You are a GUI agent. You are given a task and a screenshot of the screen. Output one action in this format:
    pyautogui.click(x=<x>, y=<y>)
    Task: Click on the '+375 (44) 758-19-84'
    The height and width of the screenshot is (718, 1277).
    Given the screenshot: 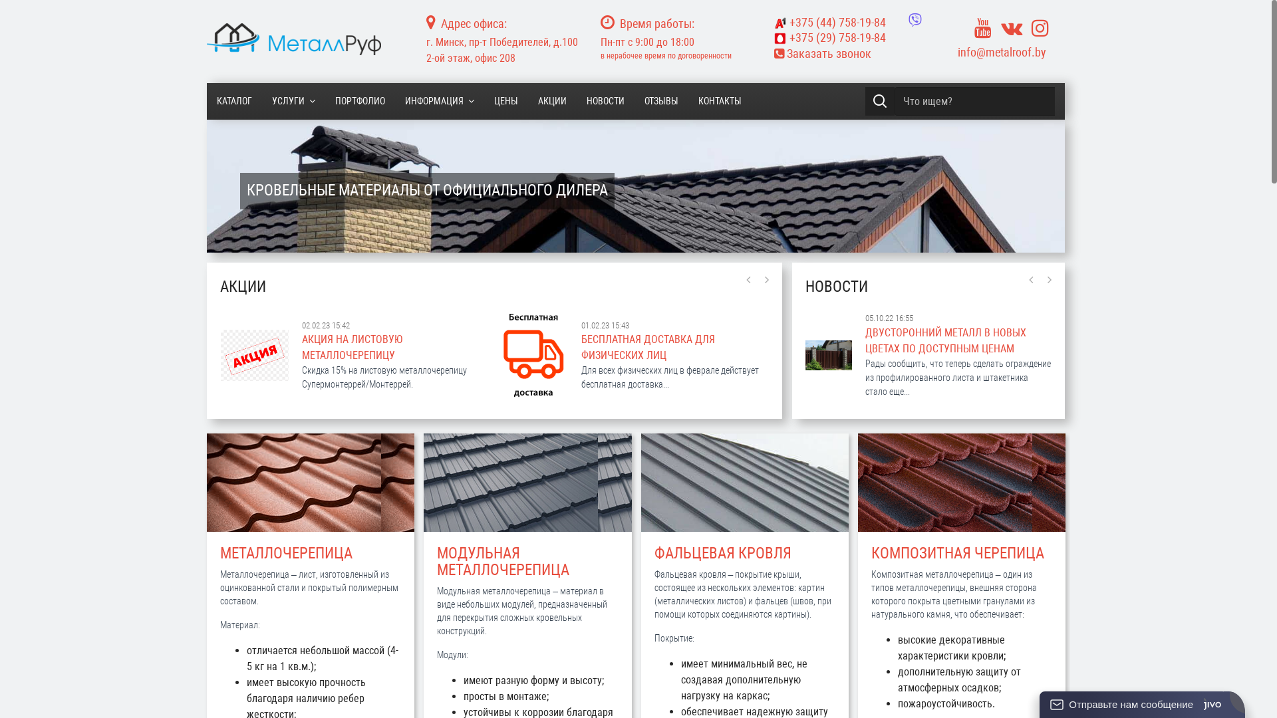 What is the action you would take?
    pyautogui.click(x=829, y=22)
    